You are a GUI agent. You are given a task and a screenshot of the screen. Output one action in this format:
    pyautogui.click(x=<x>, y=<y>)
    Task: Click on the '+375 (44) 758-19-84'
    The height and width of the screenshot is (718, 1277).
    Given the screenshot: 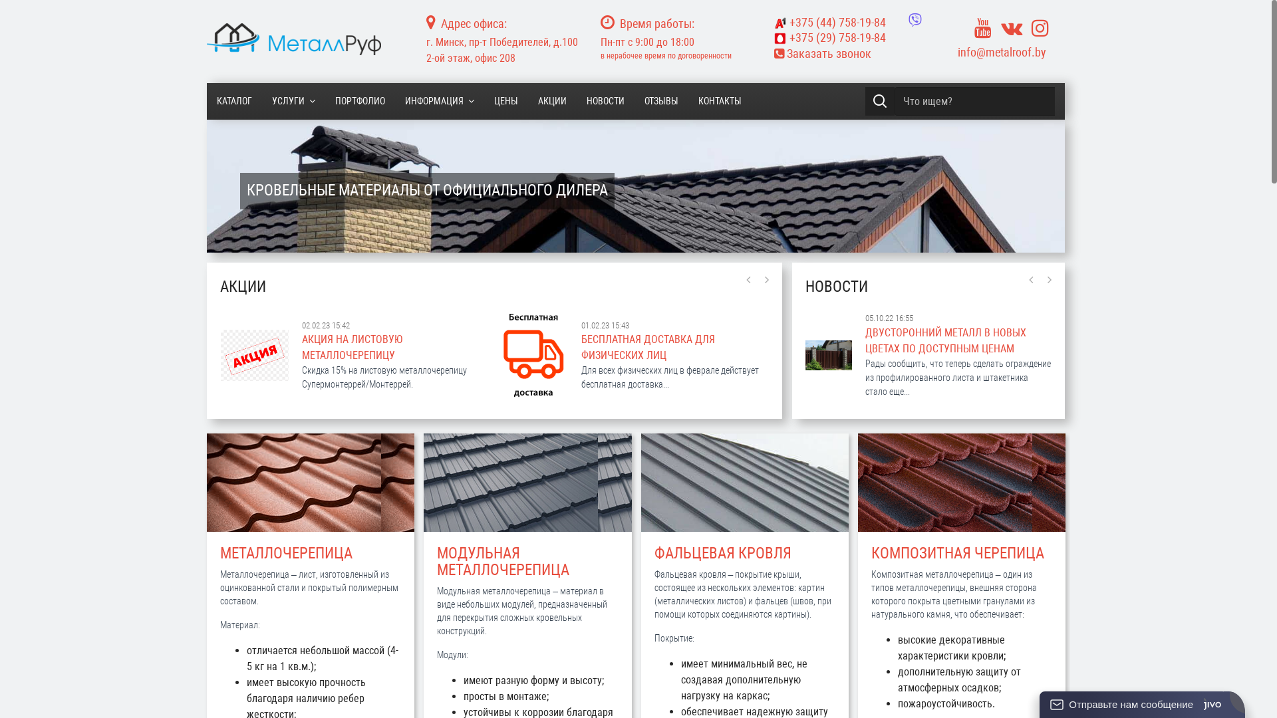 What is the action you would take?
    pyautogui.click(x=829, y=22)
    